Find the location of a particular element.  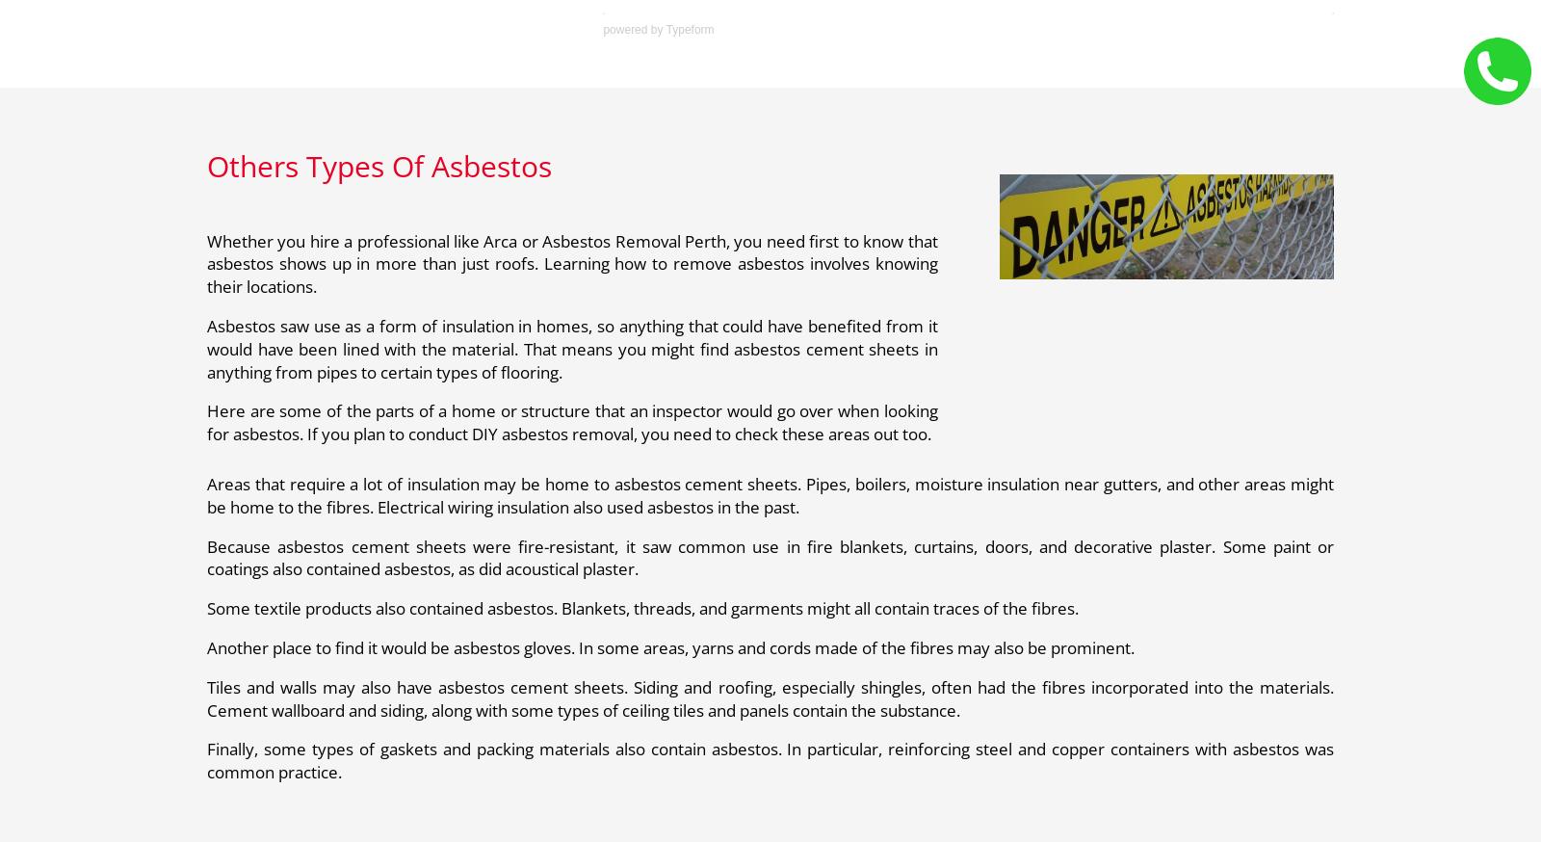

'Perth Asbestos Removal & Replace' is located at coordinates (484, 164).